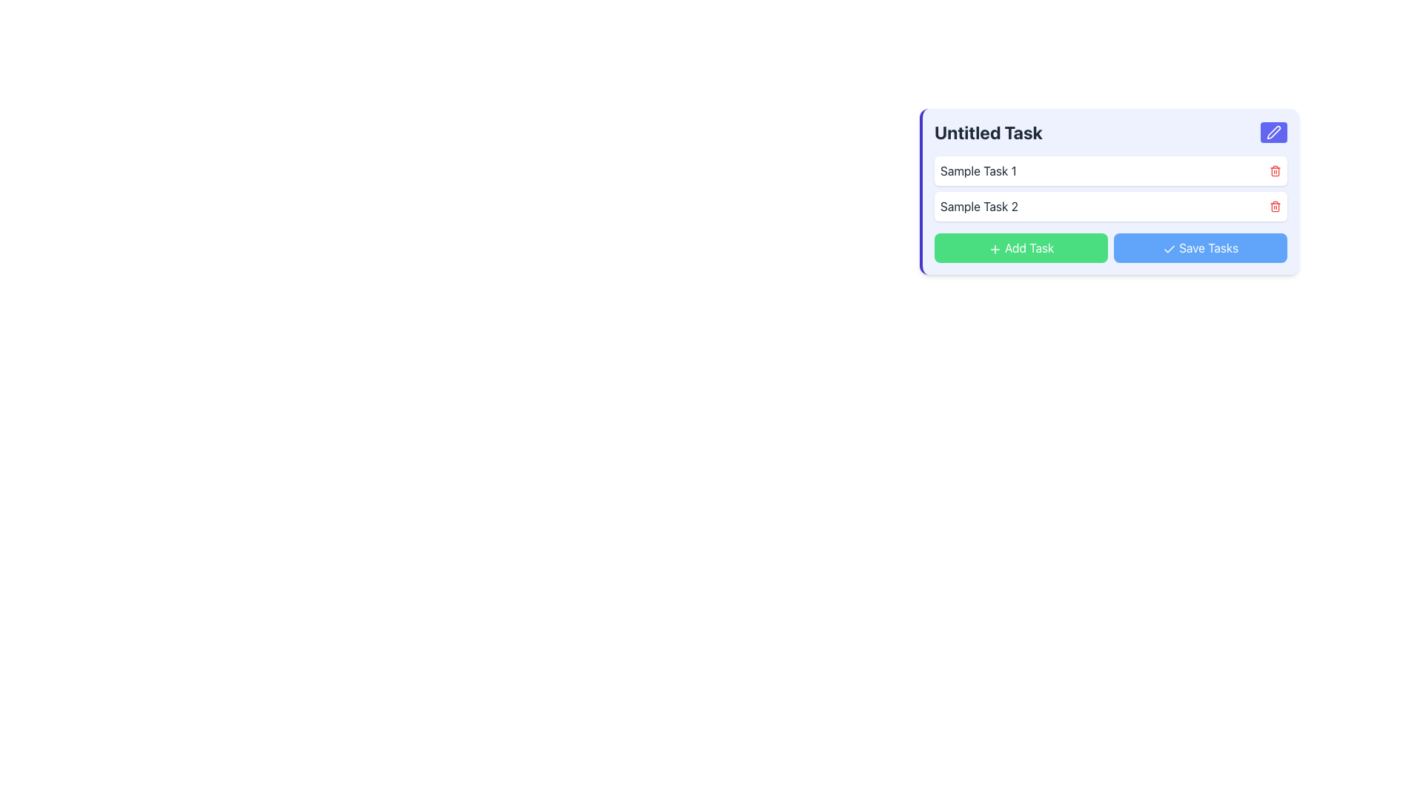 Image resolution: width=1423 pixels, height=800 pixels. Describe the element at coordinates (1273, 131) in the screenshot. I see `the editing icon located at the top-right corner of the 'Untitled Task' card` at that location.